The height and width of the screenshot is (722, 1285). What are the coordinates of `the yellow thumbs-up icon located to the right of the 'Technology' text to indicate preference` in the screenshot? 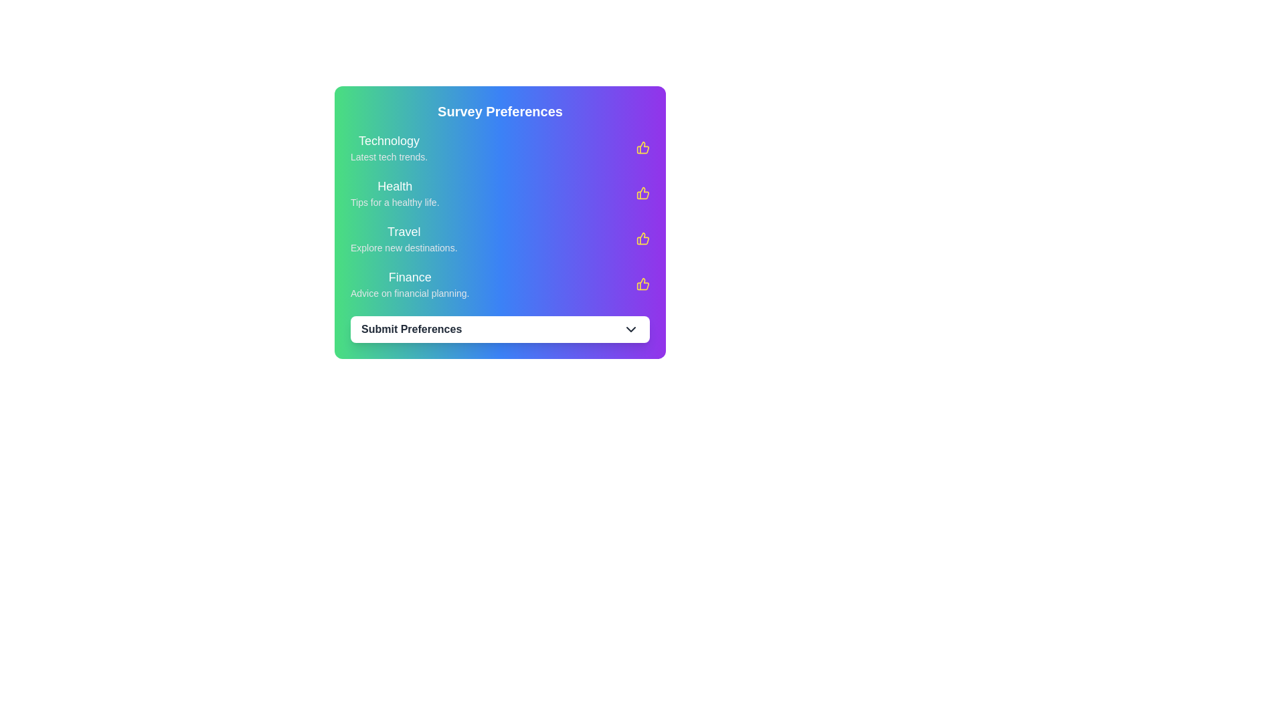 It's located at (632, 147).